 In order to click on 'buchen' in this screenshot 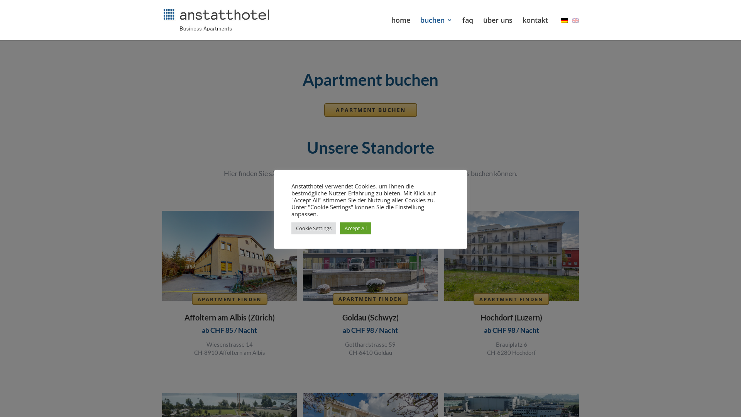, I will do `click(436, 28)`.